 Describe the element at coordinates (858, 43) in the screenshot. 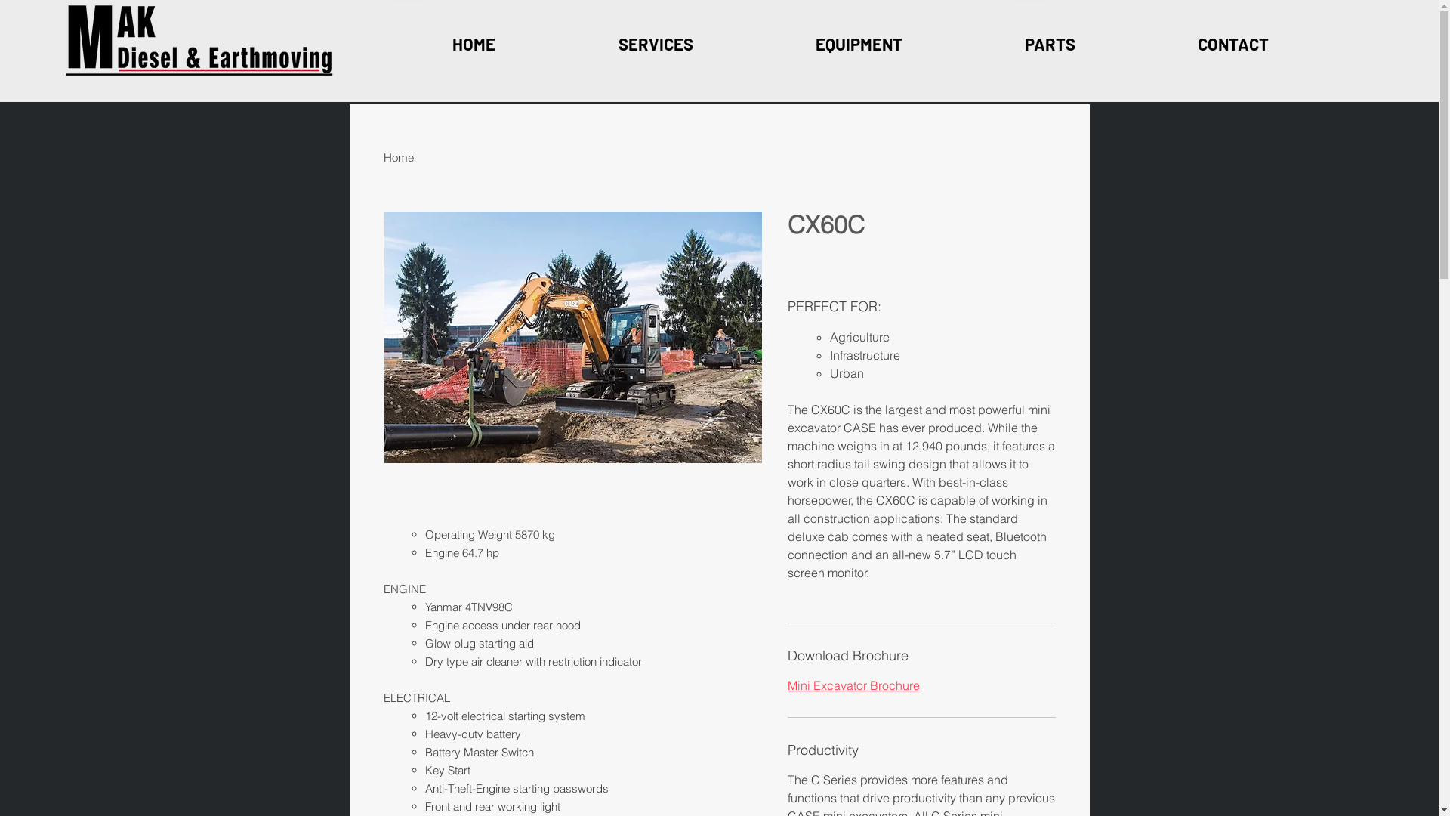

I see `'EQUIPMENT'` at that location.